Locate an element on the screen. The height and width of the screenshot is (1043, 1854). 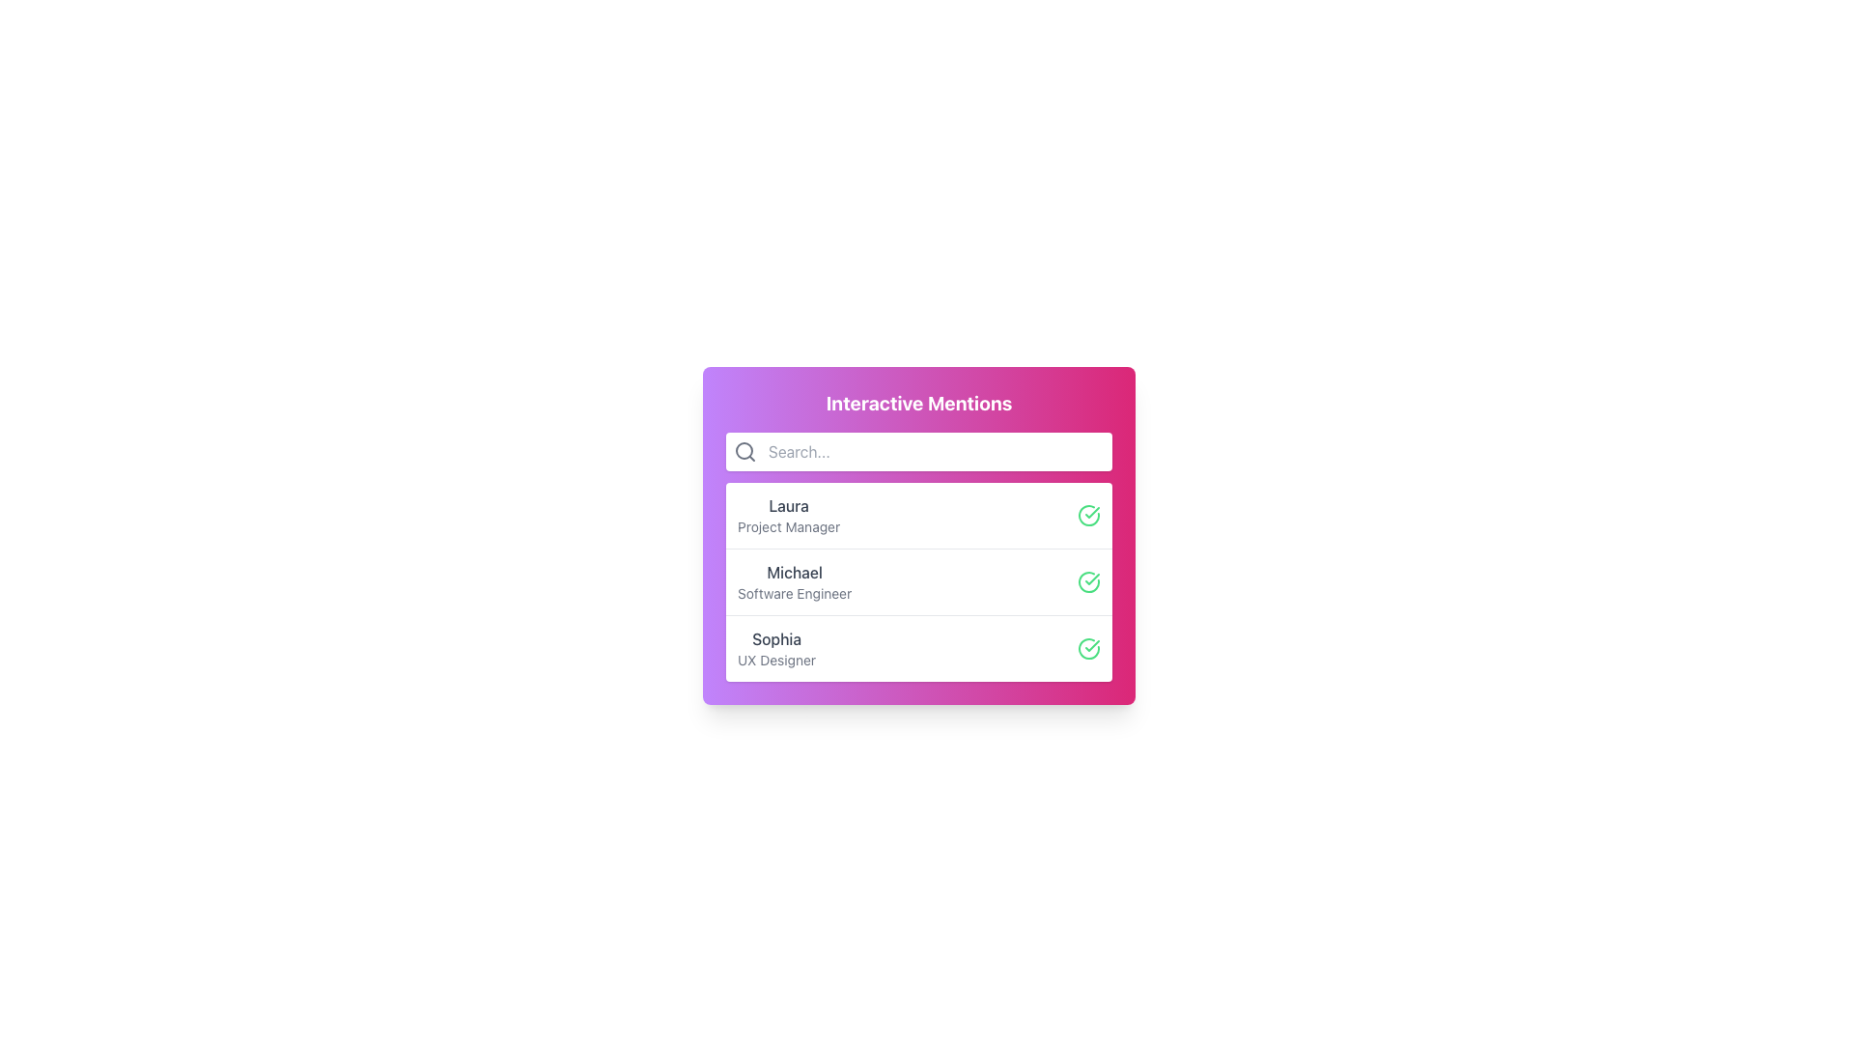
the search icon located at the far-left of the horizontal layout, which serves as a visual affordance for the search functionality is located at coordinates (744, 451).